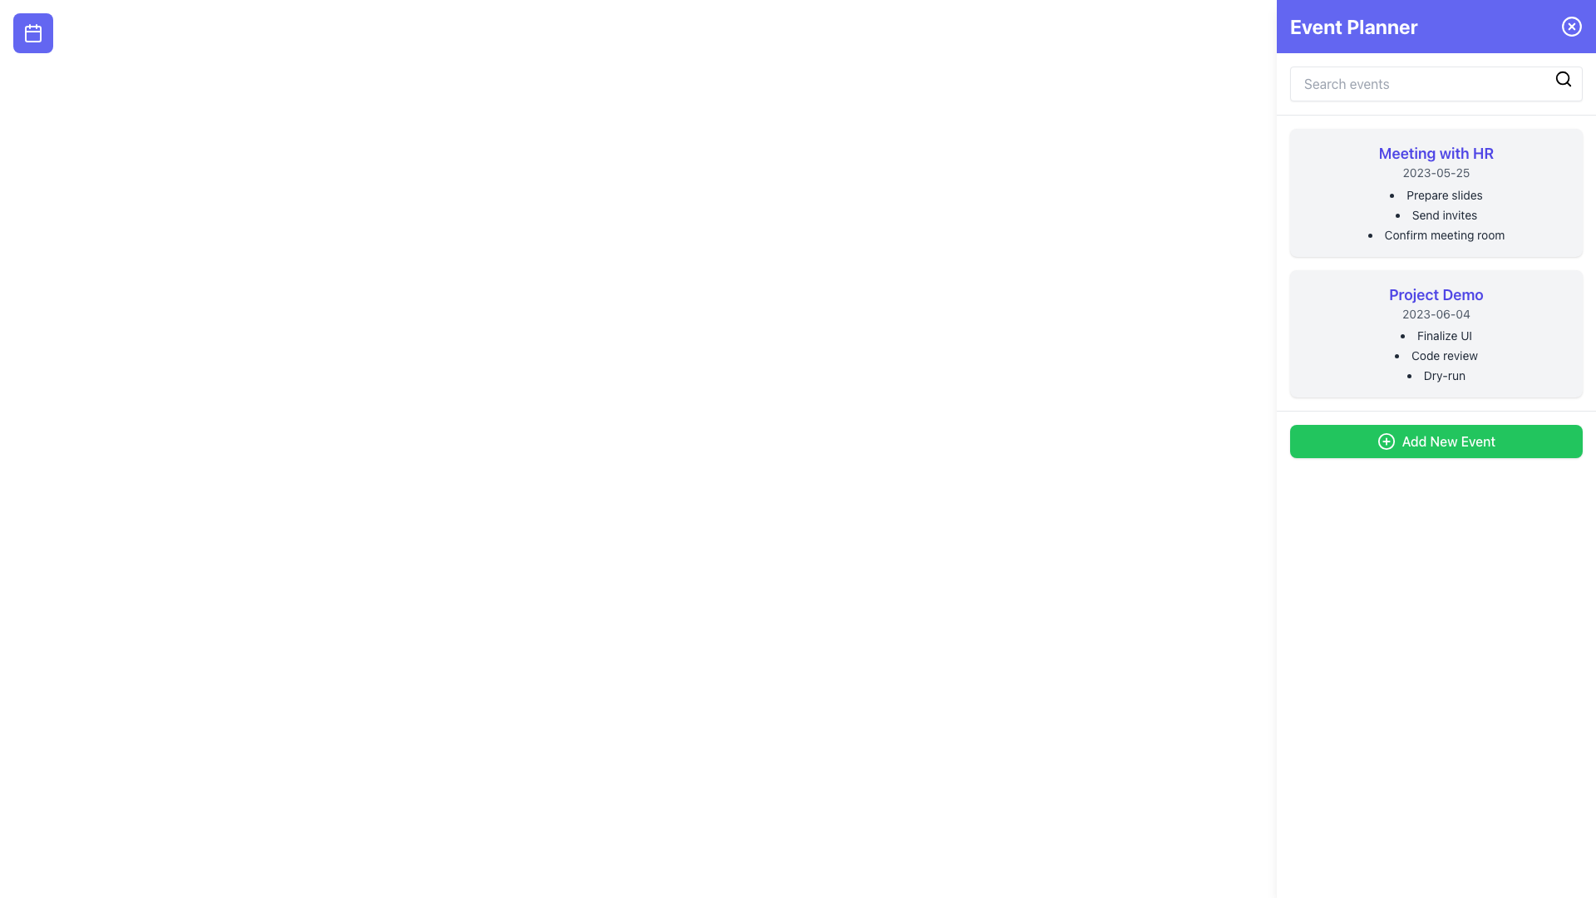 The height and width of the screenshot is (898, 1596). What do you see at coordinates (1436, 154) in the screenshot?
I see `the text label displaying 'Meeting with HR', which is styled with a large bold indigo font and positioned at the top center of the card in the right panel` at bounding box center [1436, 154].